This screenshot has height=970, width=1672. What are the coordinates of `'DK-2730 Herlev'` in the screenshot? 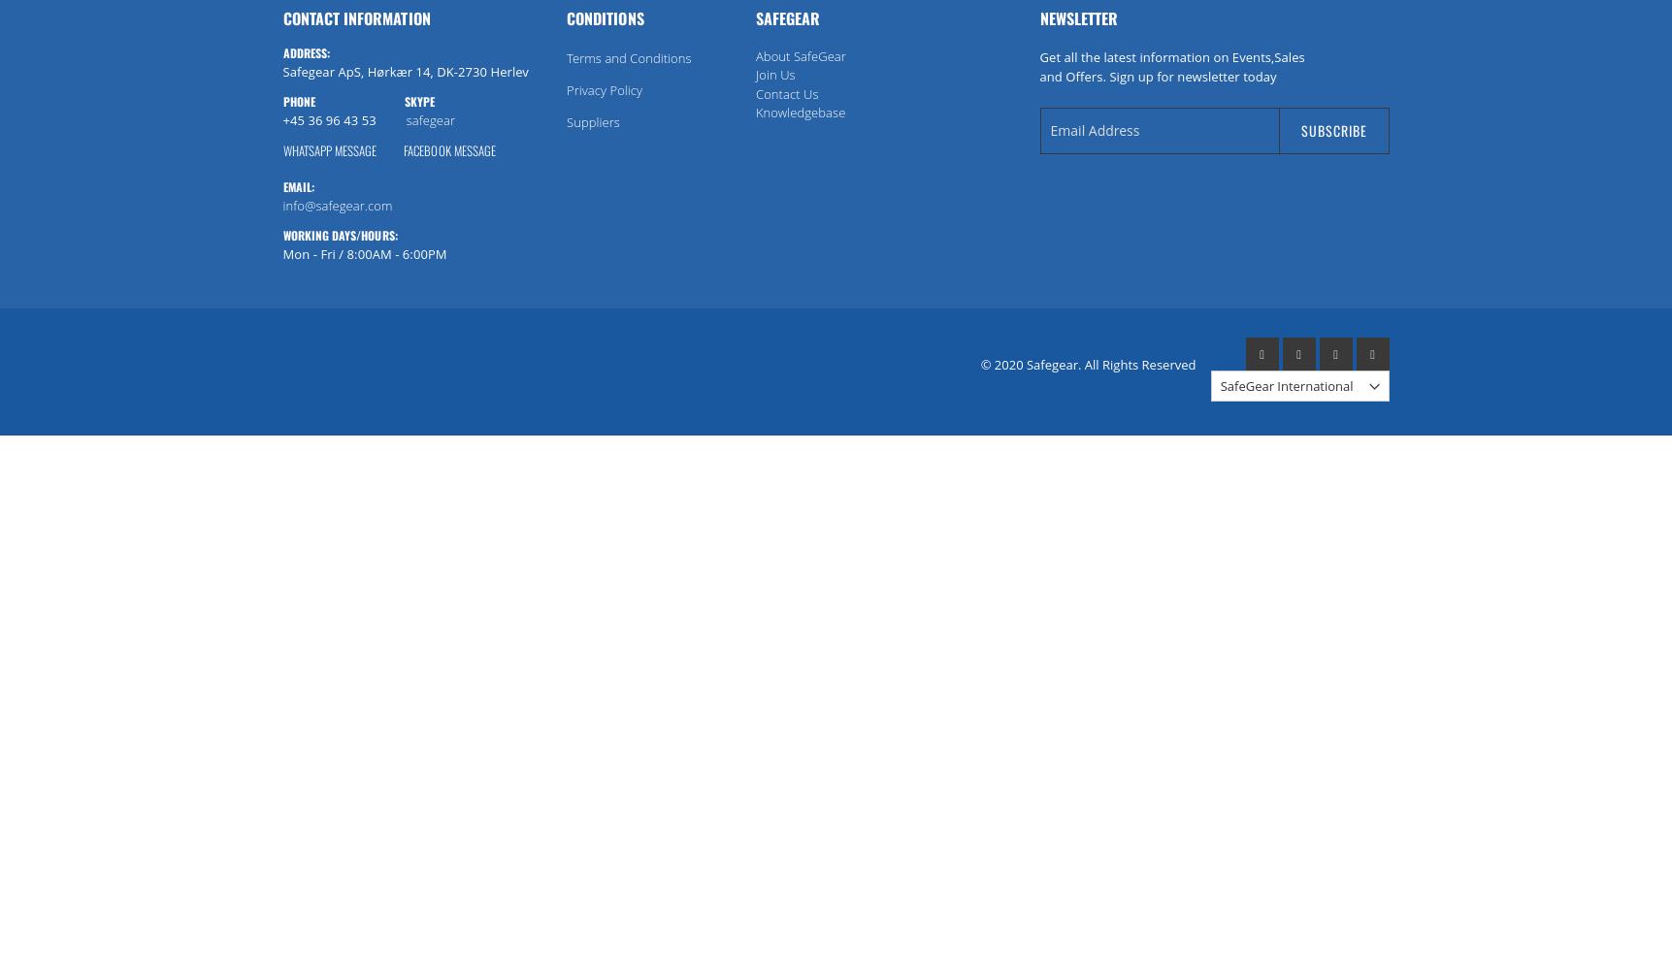 It's located at (481, 70).